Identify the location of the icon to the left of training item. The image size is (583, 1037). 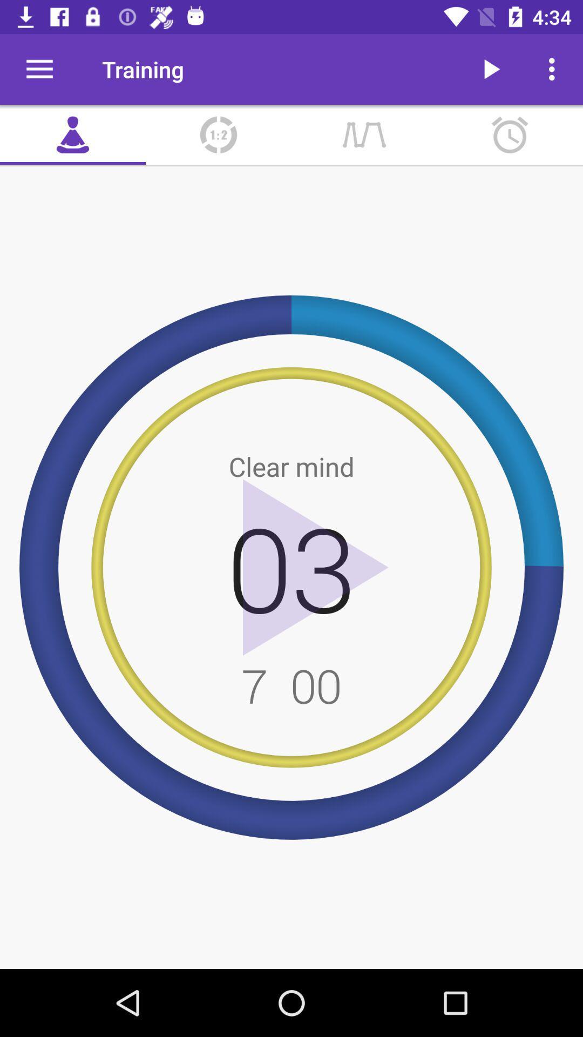
(39, 69).